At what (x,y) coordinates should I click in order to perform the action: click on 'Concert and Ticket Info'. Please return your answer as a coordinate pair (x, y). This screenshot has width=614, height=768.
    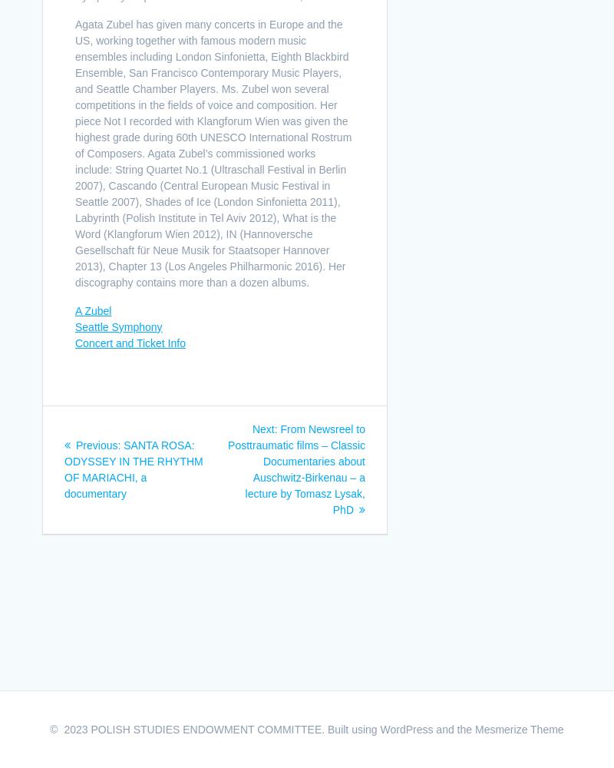
    Looking at the image, I should click on (129, 342).